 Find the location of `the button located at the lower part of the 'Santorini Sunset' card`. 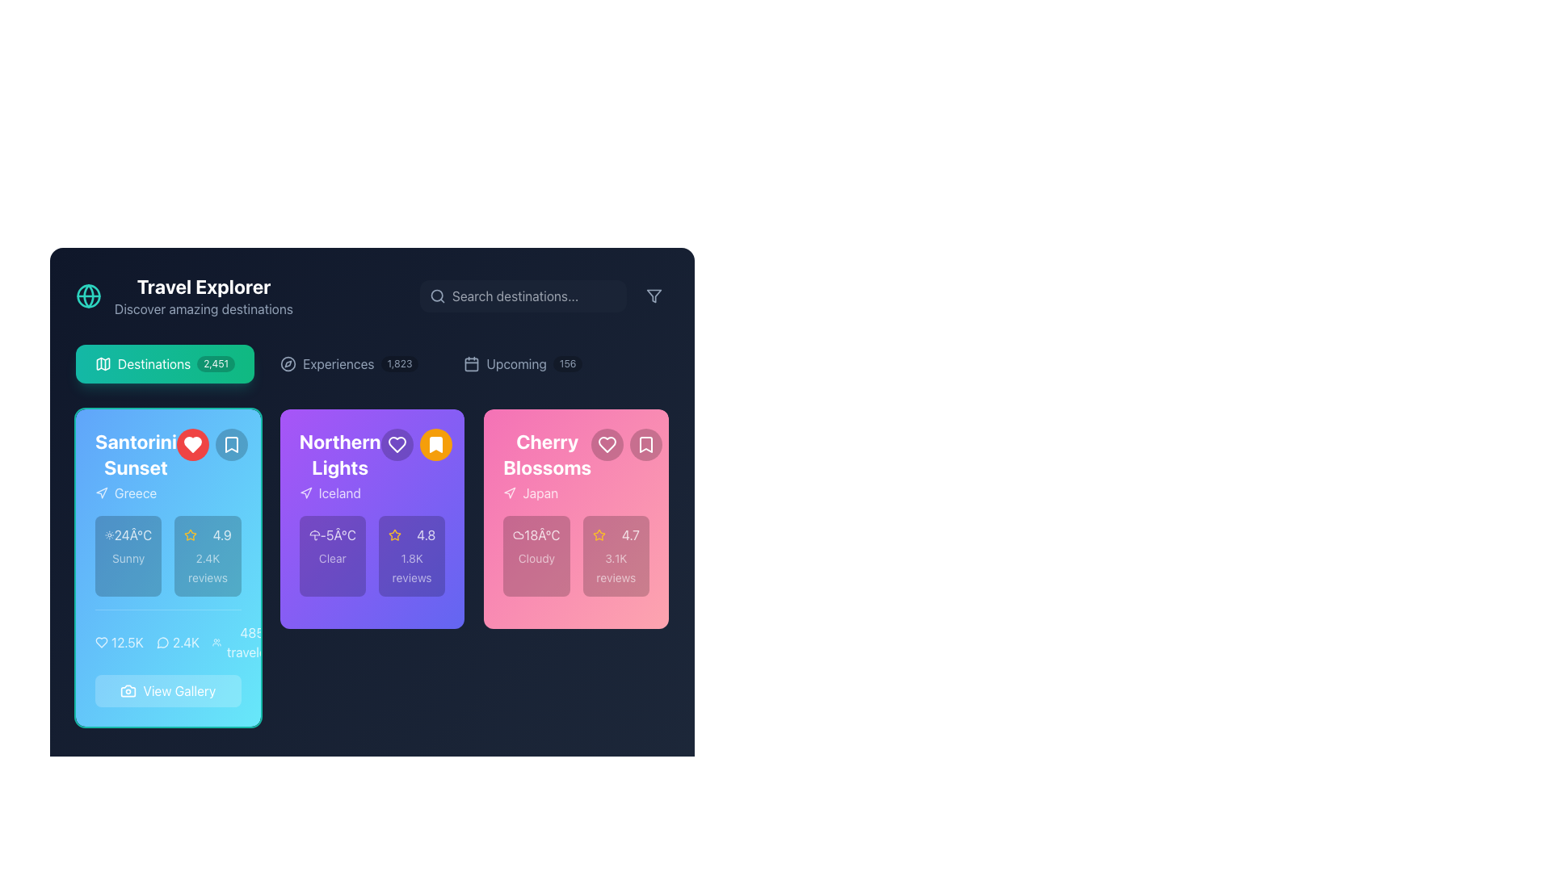

the button located at the lower part of the 'Santorini Sunset' card is located at coordinates (179, 690).